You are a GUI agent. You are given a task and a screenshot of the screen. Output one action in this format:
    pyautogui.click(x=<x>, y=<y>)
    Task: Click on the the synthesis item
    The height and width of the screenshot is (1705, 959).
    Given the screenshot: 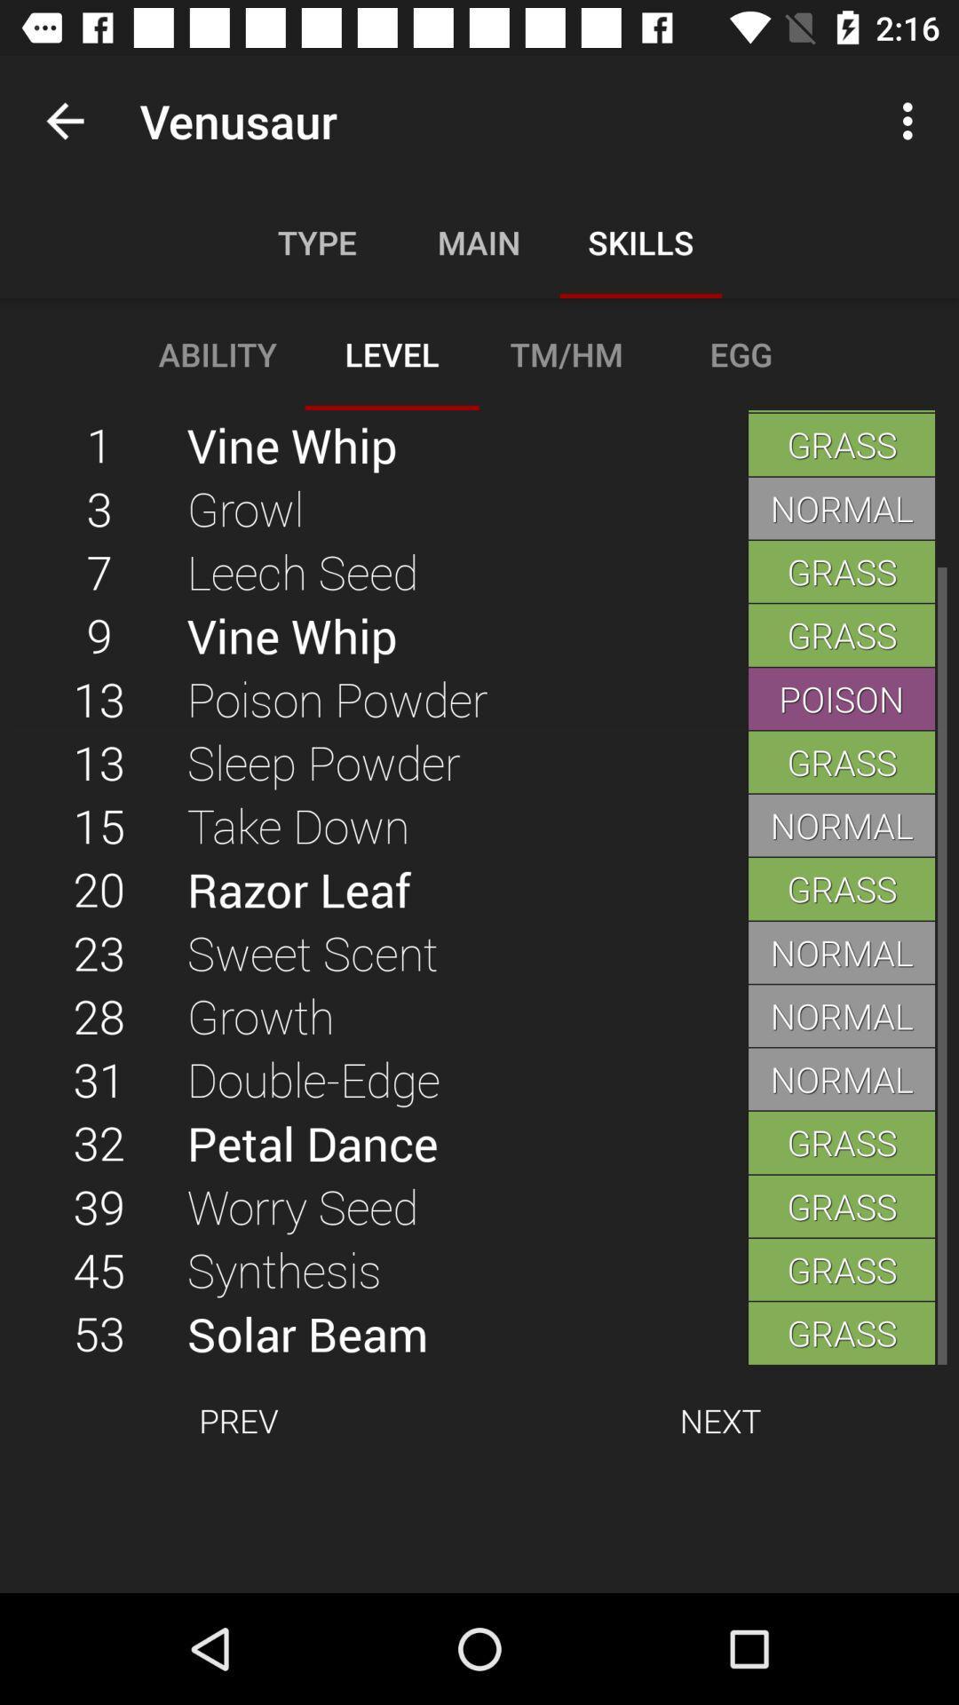 What is the action you would take?
    pyautogui.click(x=466, y=1268)
    